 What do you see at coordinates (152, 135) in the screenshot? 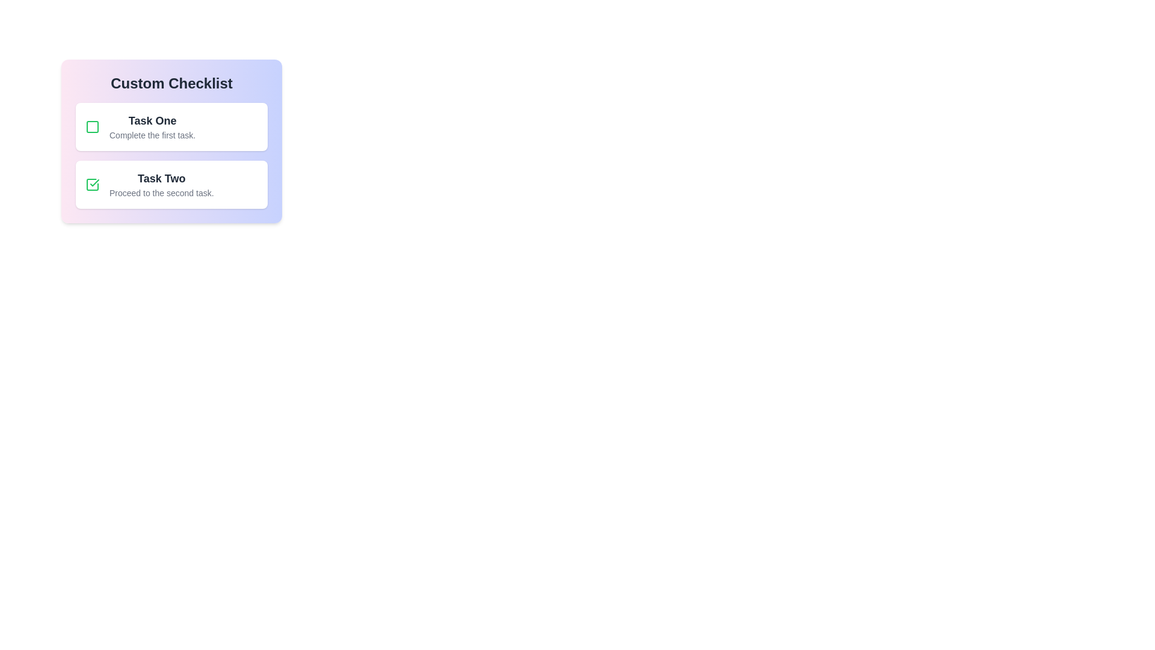
I see `descriptive text element located below the 'Task One' label in the checklist, which provides additional instructions or context` at bounding box center [152, 135].